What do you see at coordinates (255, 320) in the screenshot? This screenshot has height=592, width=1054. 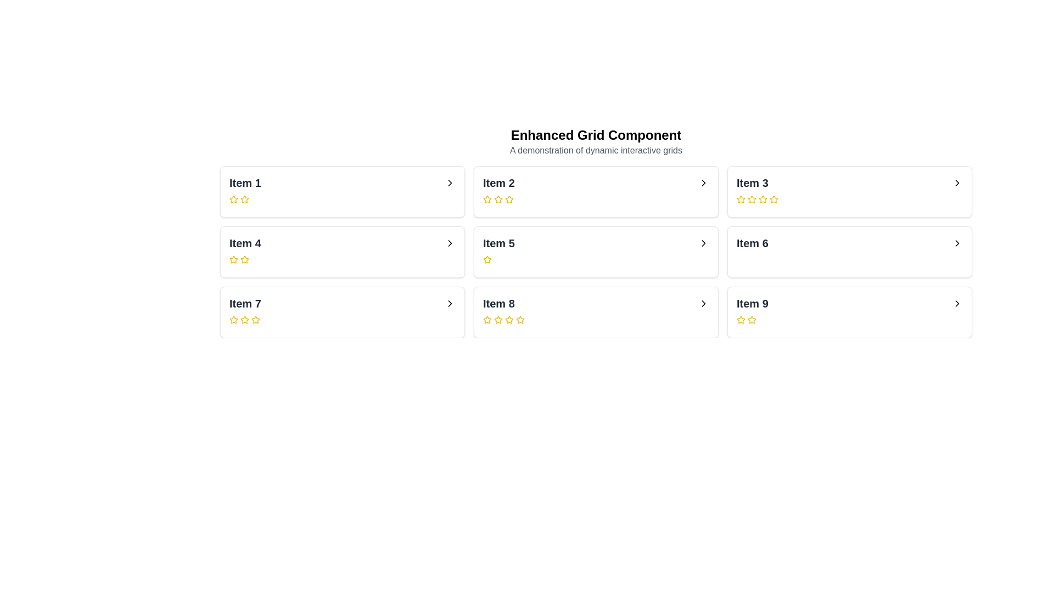 I see `the fifth yellow outlined star icon in the rating sequence for 'Item 7'` at bounding box center [255, 320].